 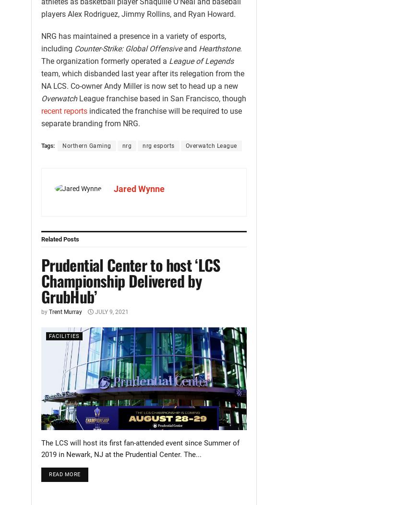 I want to click on 'Posts', so click(x=70, y=239).